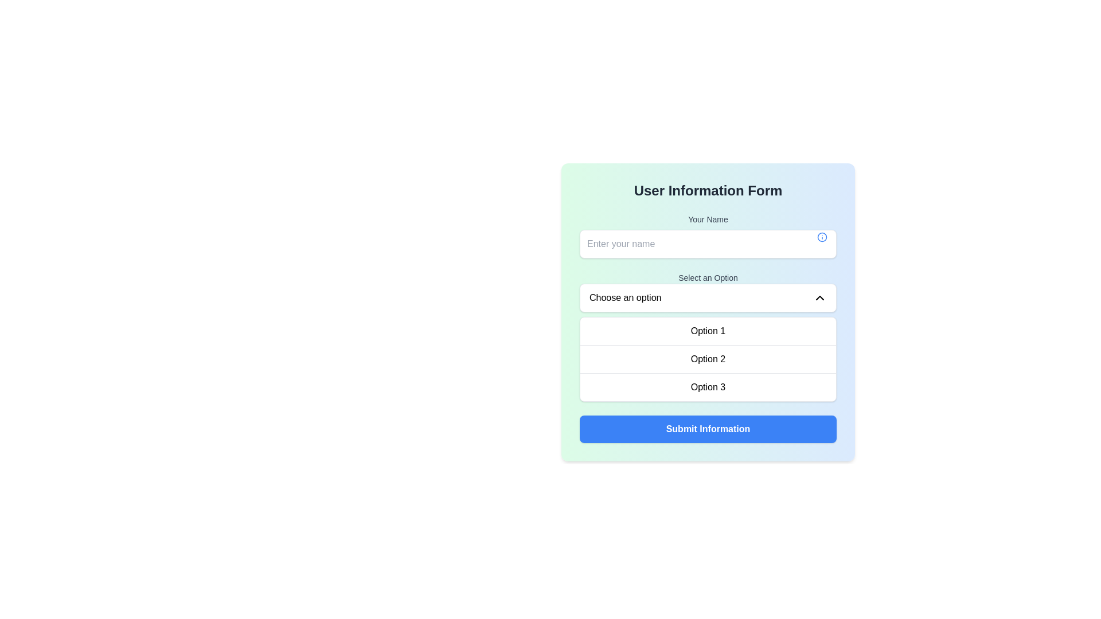 This screenshot has height=619, width=1101. Describe the element at coordinates (707, 297) in the screenshot. I see `the dropdown menu labeled 'Choose an option' to toggle focus` at that location.